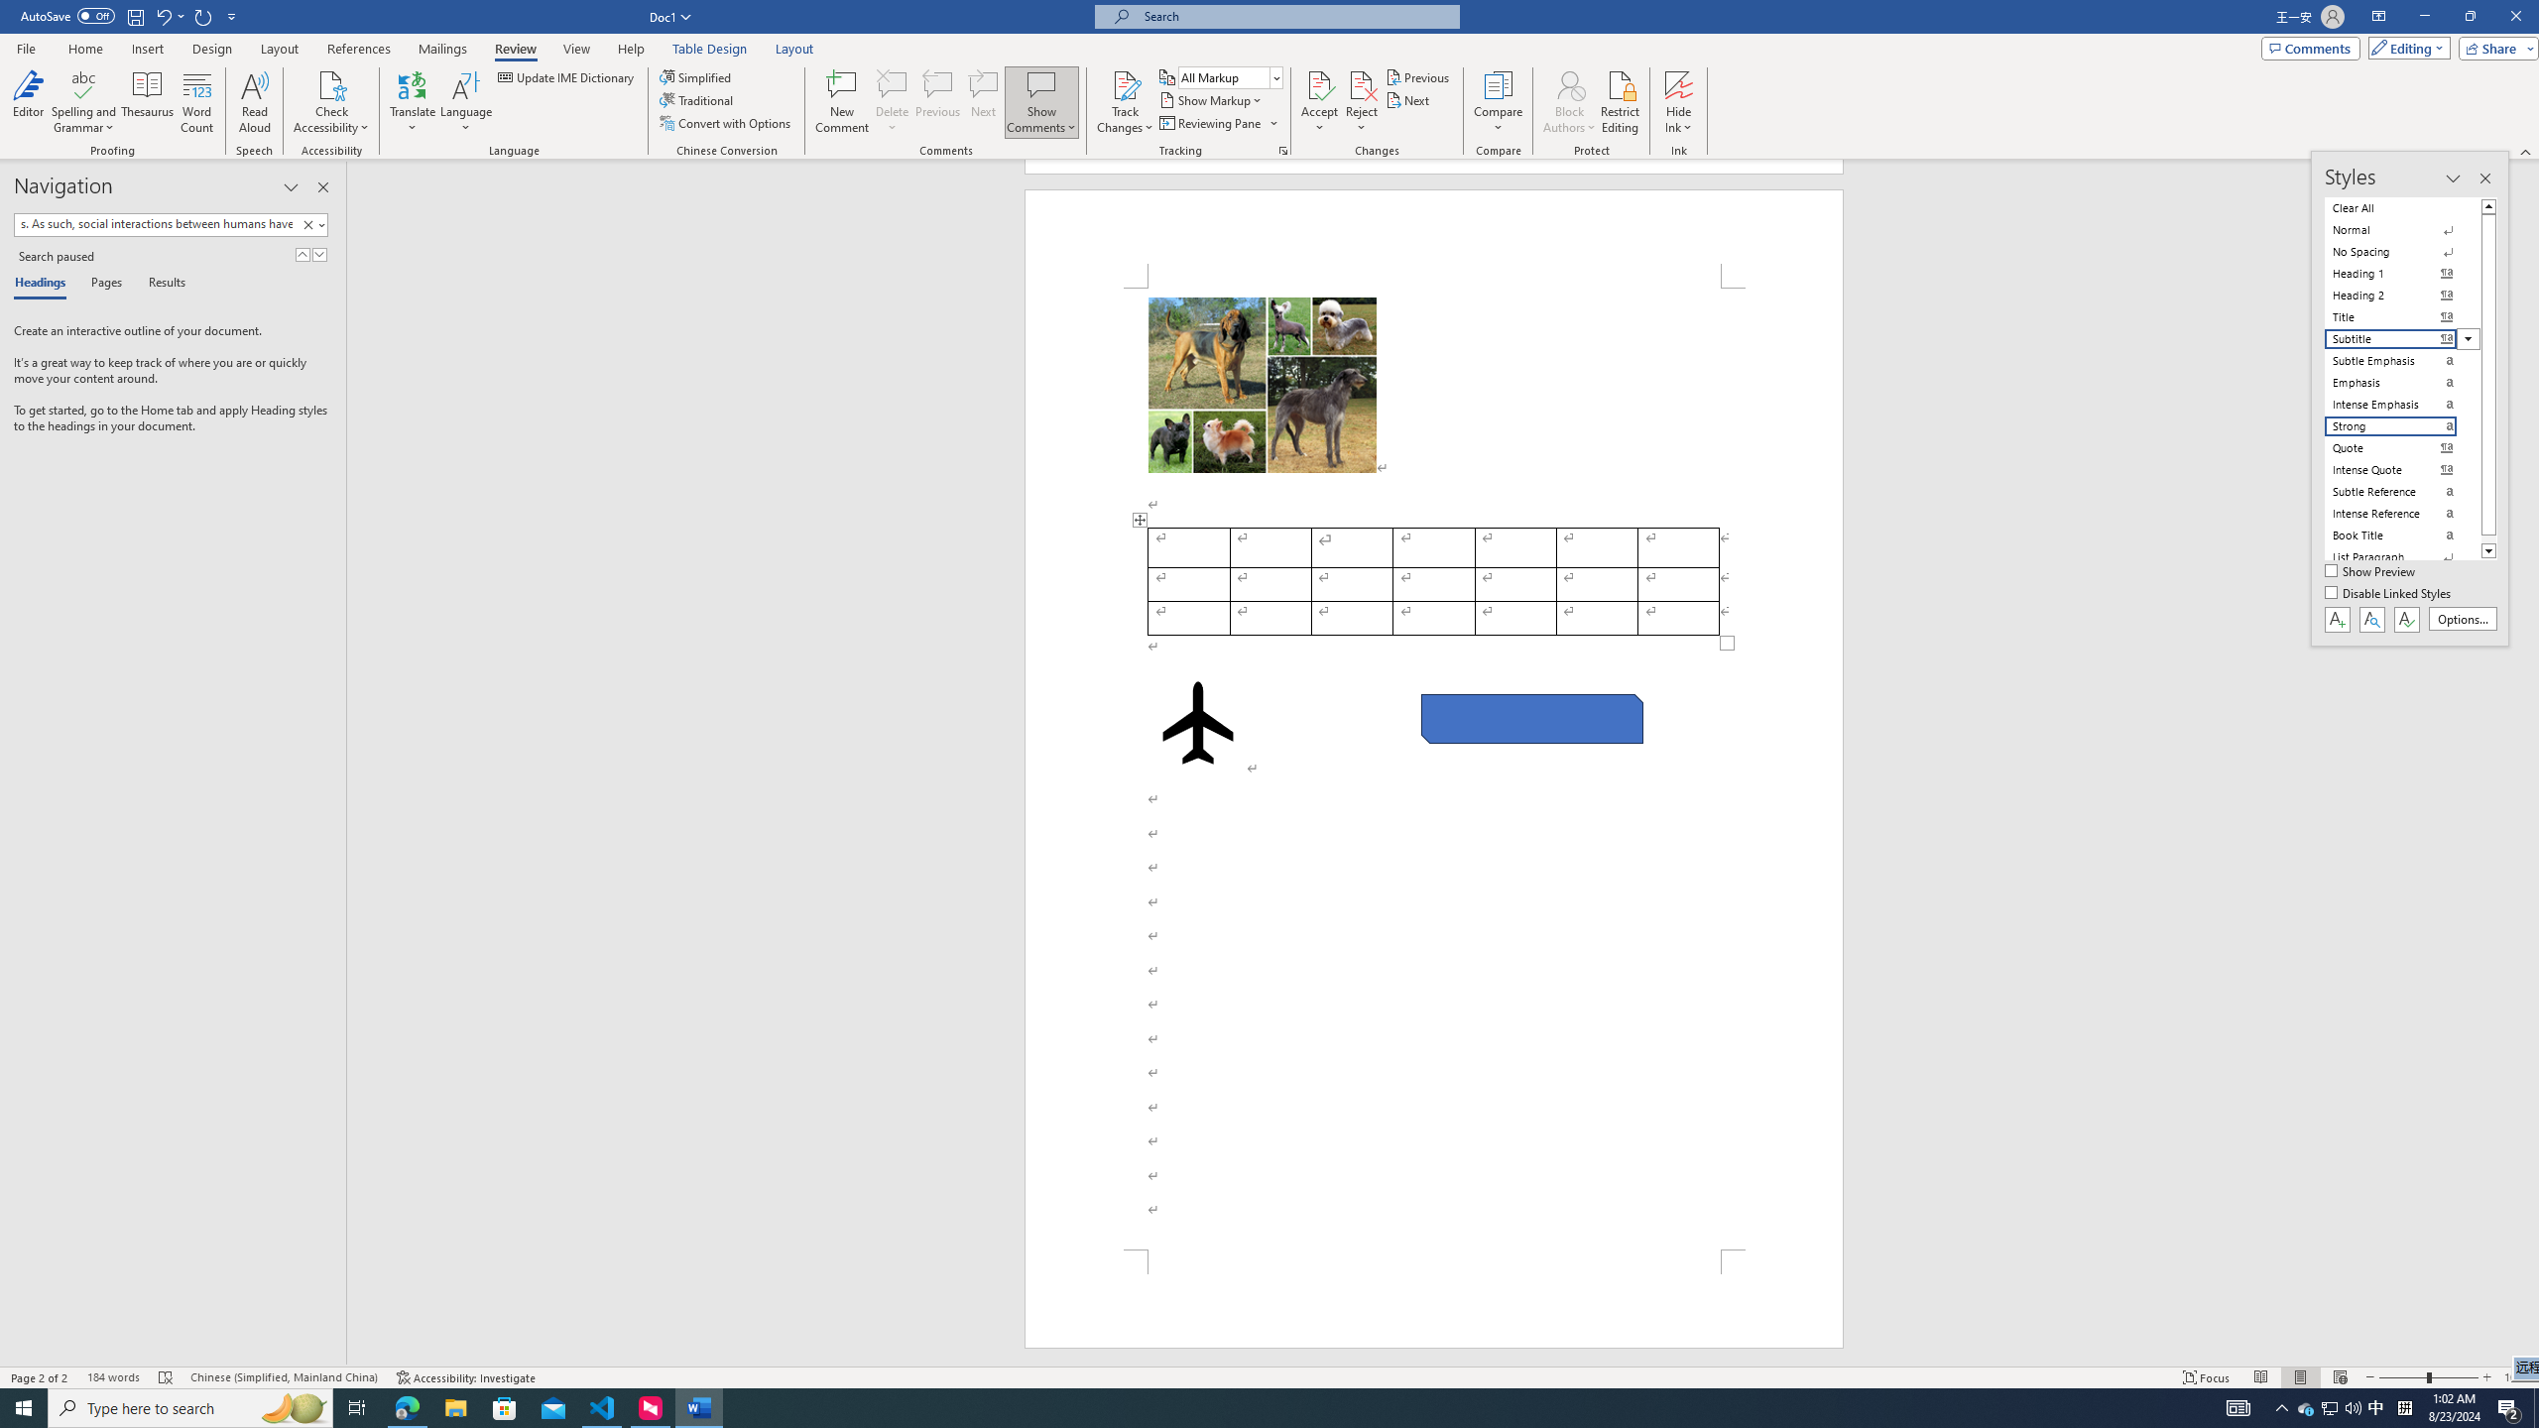 This screenshot has height=1428, width=2539. What do you see at coordinates (2405, 619) in the screenshot?
I see `'Class: NetUIButton'` at bounding box center [2405, 619].